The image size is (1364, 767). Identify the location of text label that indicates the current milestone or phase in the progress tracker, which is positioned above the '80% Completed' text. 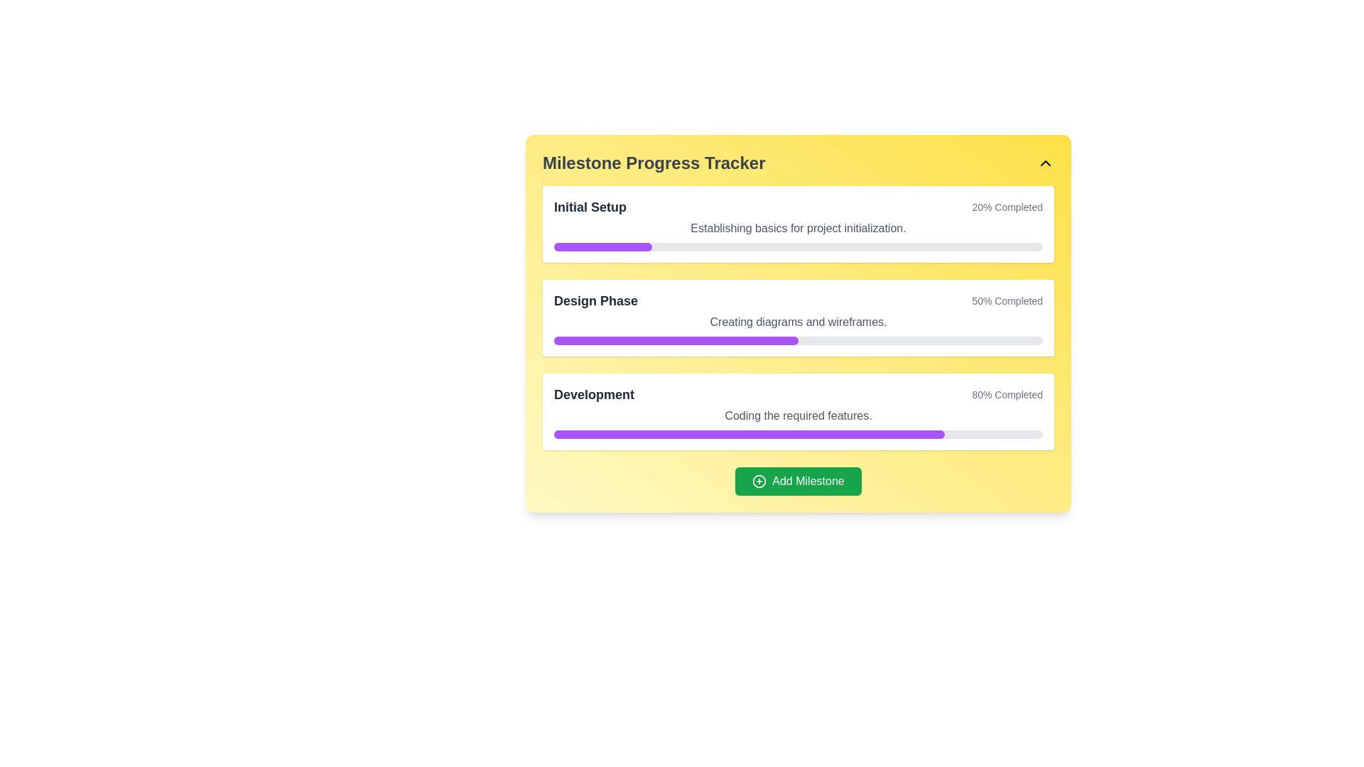
(594, 394).